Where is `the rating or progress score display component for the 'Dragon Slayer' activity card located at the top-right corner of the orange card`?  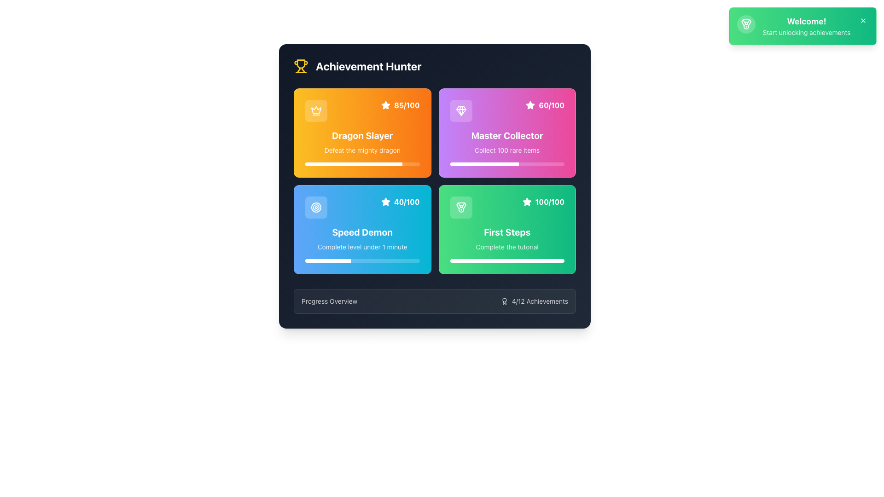
the rating or progress score display component for the 'Dragon Slayer' activity card located at the top-right corner of the orange card is located at coordinates (400, 104).